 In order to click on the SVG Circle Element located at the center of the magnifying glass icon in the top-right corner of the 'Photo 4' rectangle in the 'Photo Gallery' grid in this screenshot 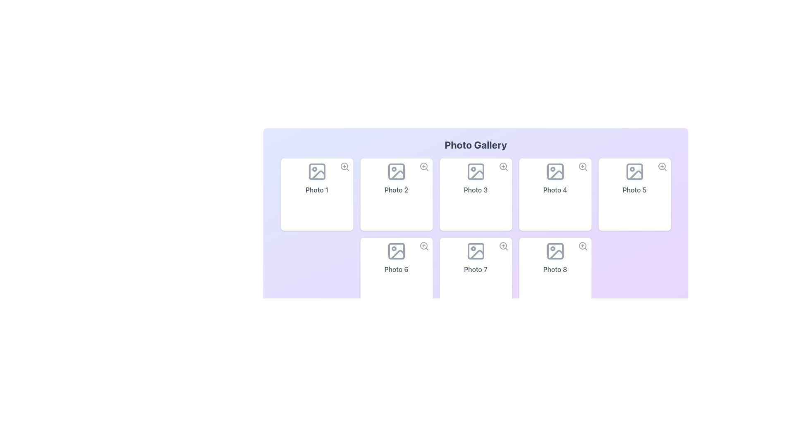, I will do `click(582, 166)`.